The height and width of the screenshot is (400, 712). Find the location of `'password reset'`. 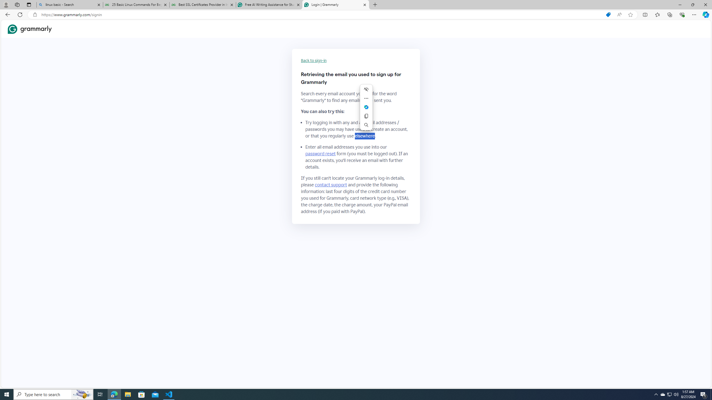

'password reset' is located at coordinates (320, 153).